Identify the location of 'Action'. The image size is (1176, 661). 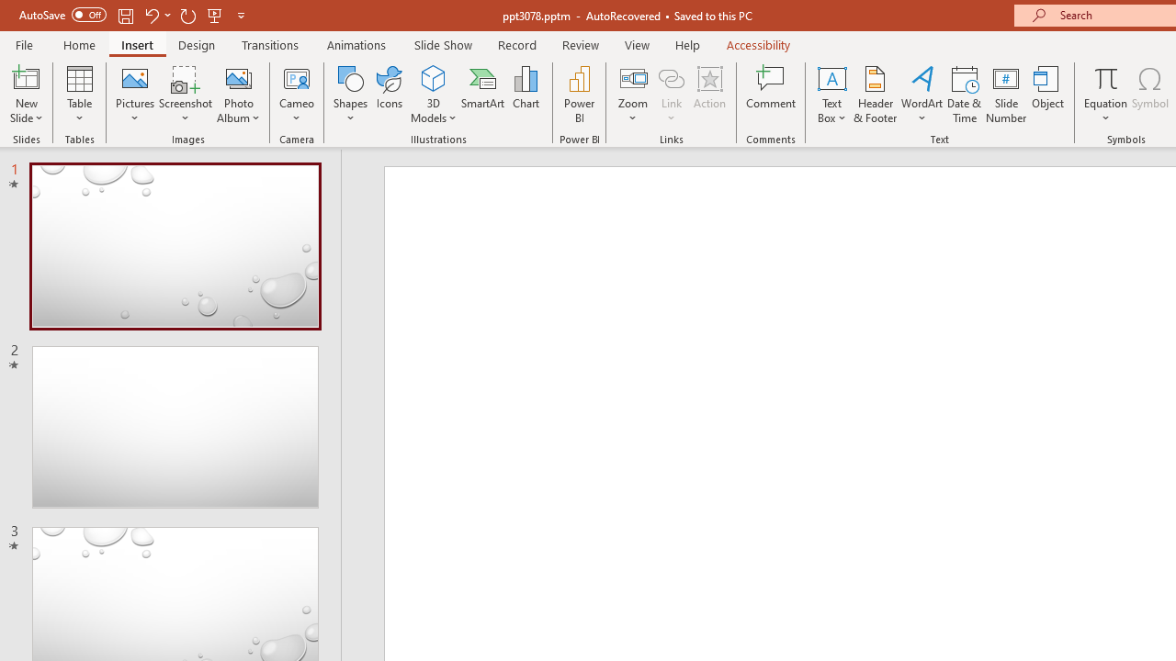
(709, 95).